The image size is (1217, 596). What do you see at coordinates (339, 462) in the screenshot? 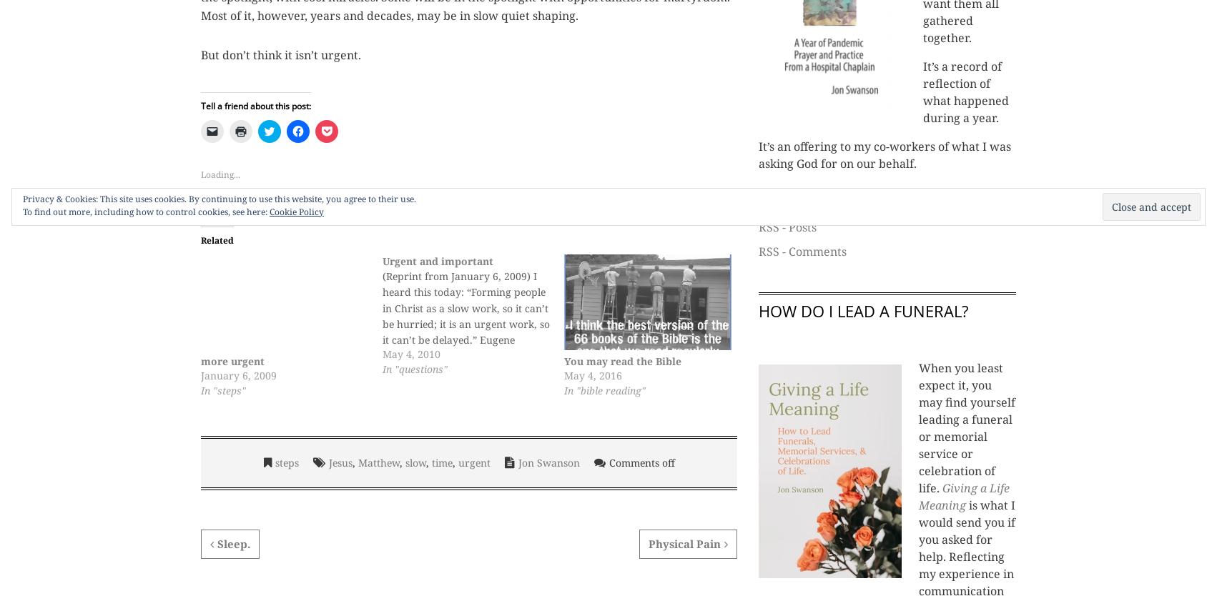
I see `'Jesus'` at bounding box center [339, 462].